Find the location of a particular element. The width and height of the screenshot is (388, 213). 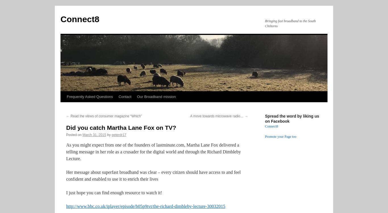

'Posted on' is located at coordinates (74, 134).